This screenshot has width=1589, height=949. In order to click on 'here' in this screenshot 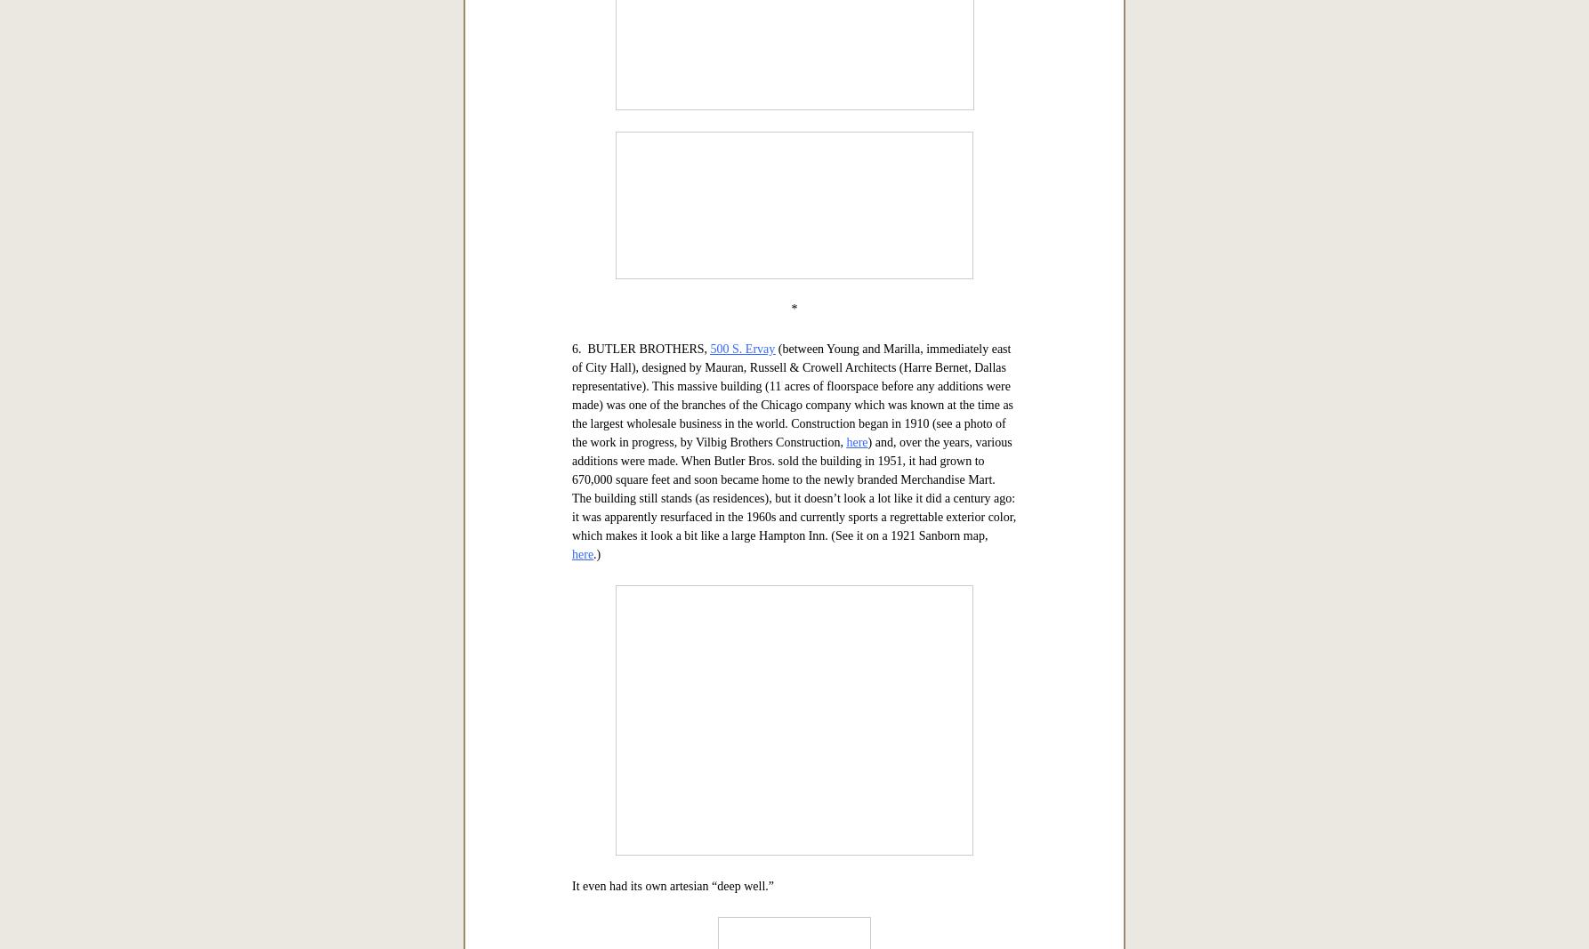, I will do `click(739, 301)`.